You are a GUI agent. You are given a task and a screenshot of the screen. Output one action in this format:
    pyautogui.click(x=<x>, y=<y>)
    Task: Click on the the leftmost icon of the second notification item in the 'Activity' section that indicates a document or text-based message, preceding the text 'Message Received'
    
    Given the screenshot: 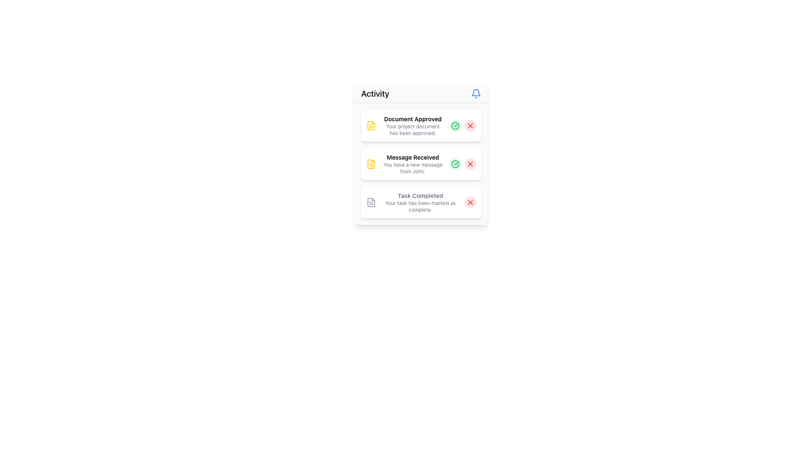 What is the action you would take?
    pyautogui.click(x=371, y=164)
    